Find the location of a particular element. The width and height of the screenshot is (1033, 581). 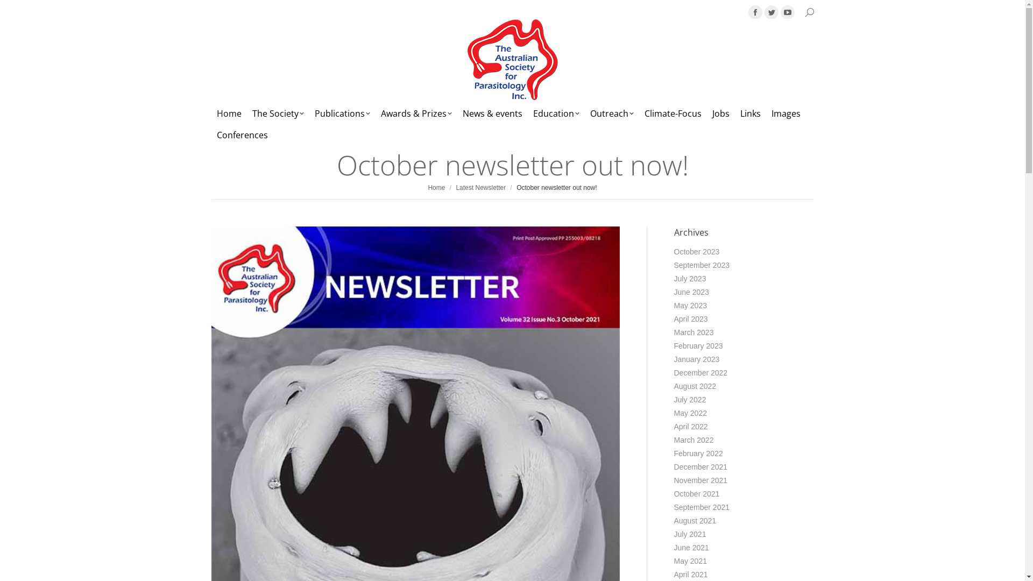

'Home' is located at coordinates (436, 187).